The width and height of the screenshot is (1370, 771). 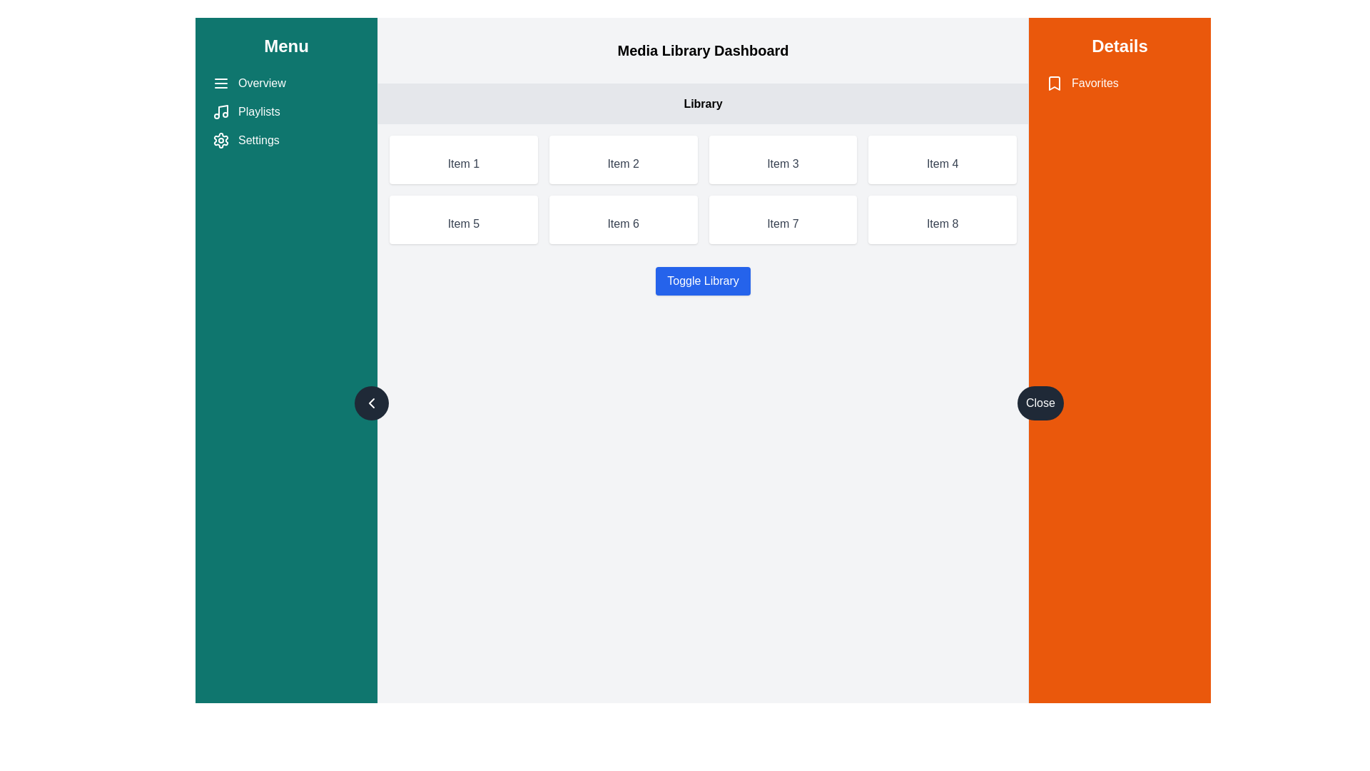 What do you see at coordinates (220, 140) in the screenshot?
I see `the settings icon located in the left navigation menu, below the 'Playlists' section` at bounding box center [220, 140].